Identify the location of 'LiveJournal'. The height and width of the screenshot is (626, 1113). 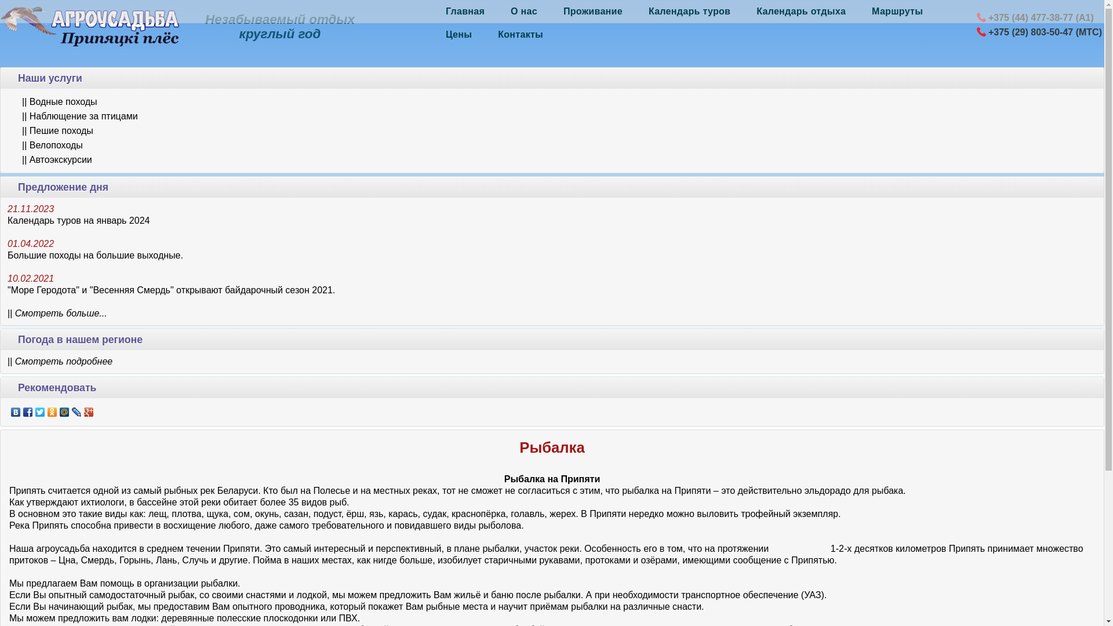
(76, 411).